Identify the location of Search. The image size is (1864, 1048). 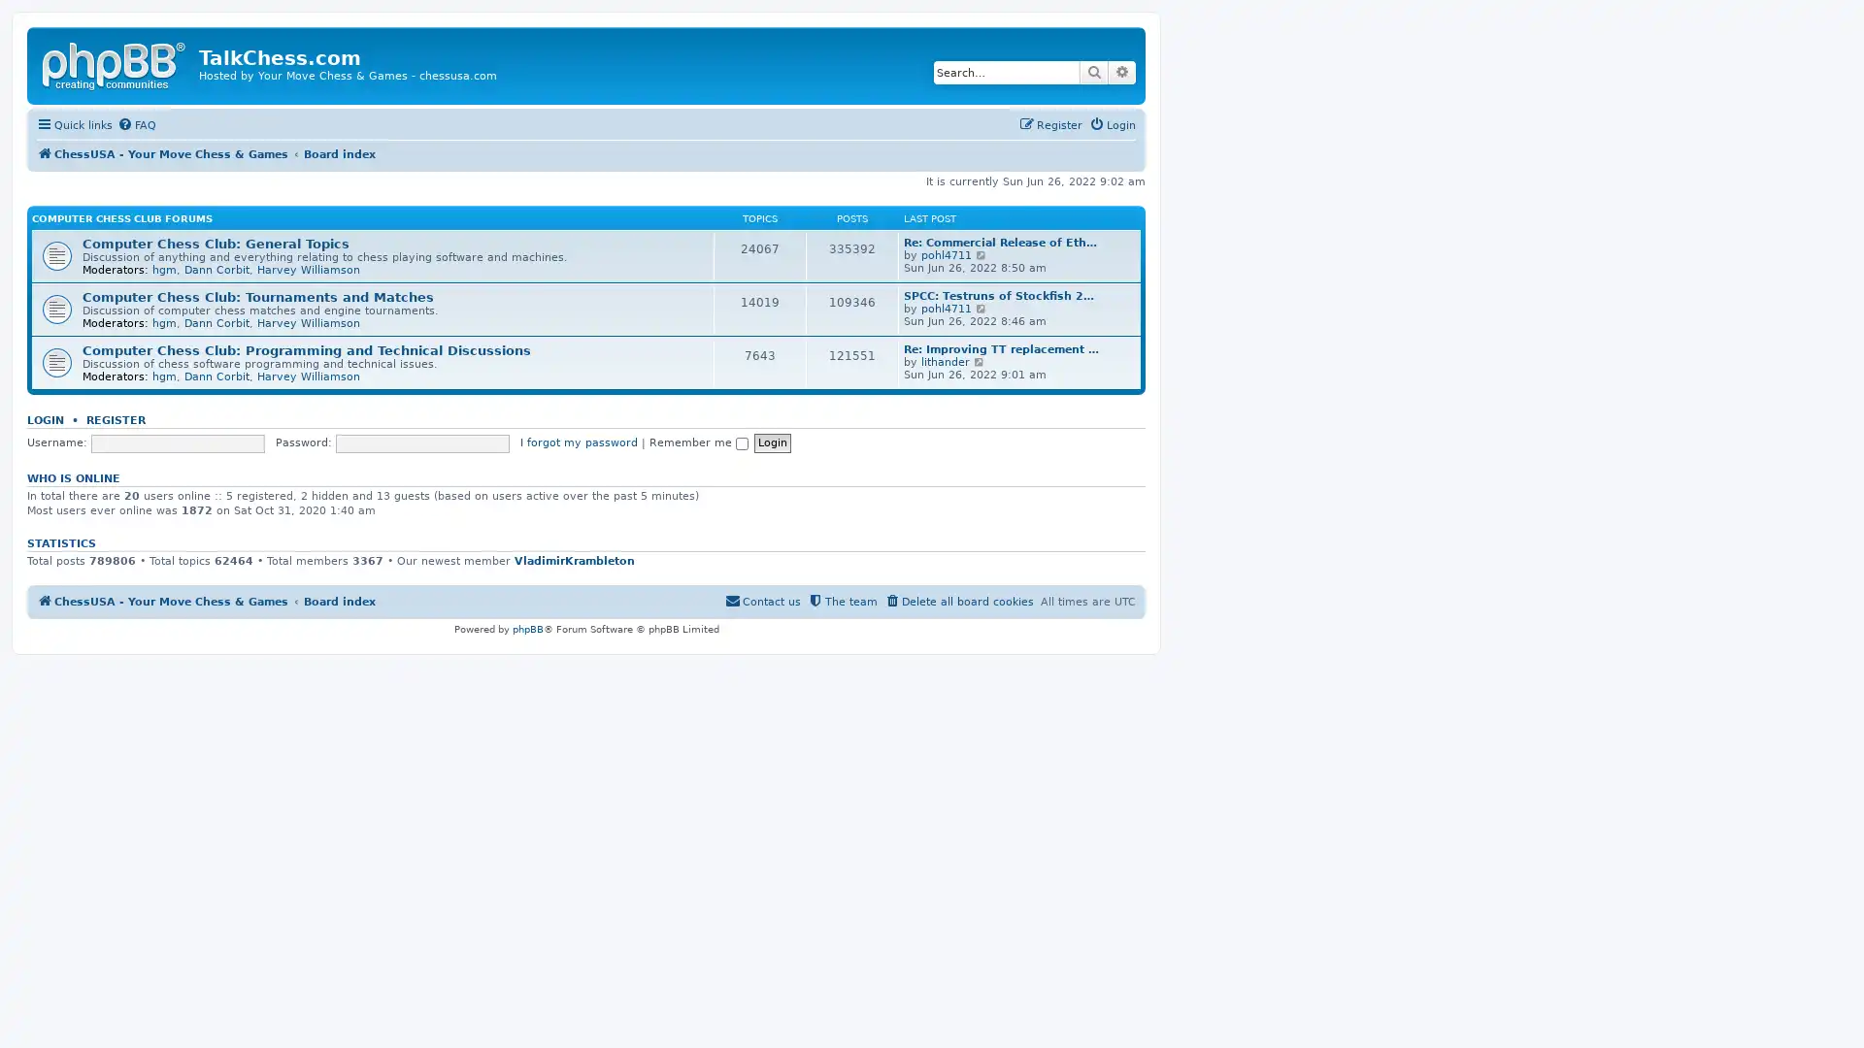
(1094, 71).